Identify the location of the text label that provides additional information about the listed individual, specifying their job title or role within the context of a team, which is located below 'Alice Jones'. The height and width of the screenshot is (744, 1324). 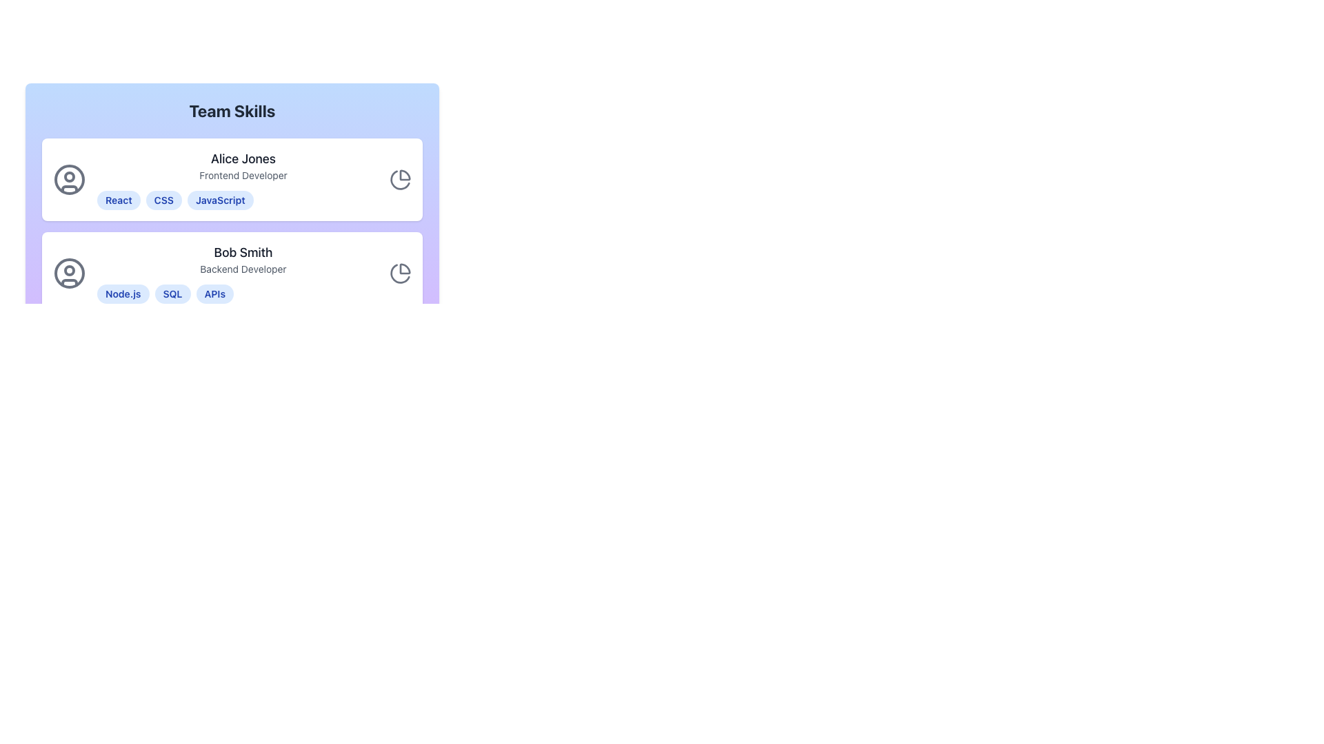
(243, 174).